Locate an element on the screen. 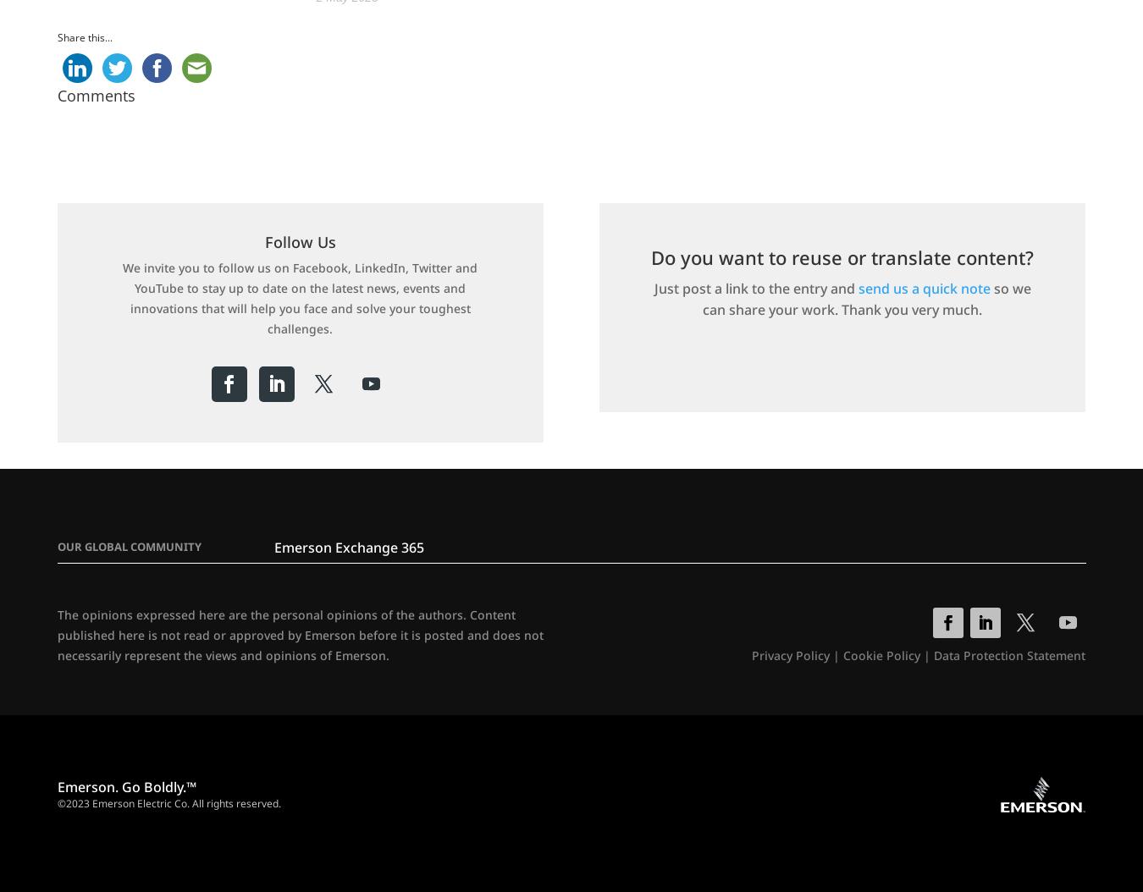  'Privacy Policy' is located at coordinates (790, 655).